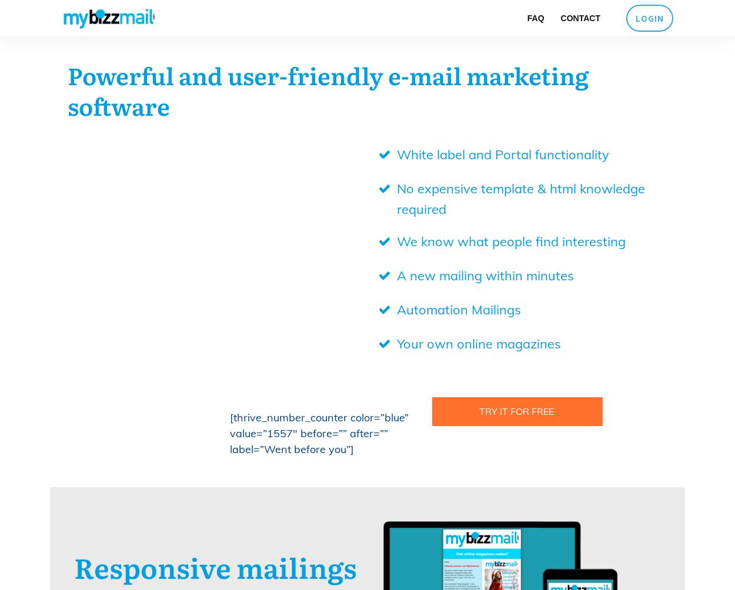 Image resolution: width=735 pixels, height=590 pixels. What do you see at coordinates (214, 566) in the screenshot?
I see `'Responsive mailings'` at bounding box center [214, 566].